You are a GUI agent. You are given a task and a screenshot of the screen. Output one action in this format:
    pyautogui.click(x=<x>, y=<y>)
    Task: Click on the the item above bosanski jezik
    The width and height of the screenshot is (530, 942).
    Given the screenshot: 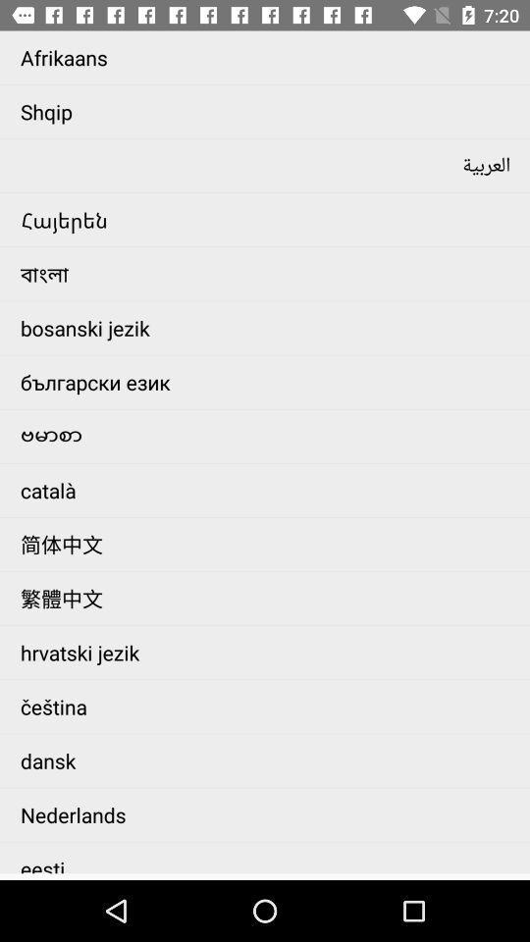 What is the action you would take?
    pyautogui.click(x=269, y=273)
    